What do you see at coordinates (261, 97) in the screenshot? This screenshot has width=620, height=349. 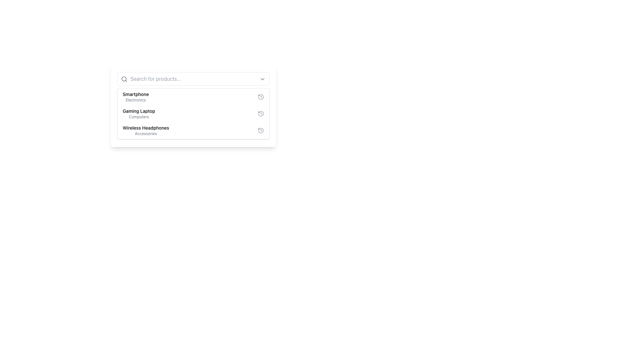 I see `the History Icon located at the rightmost side of the 'Smartphone - Electronics' list item` at bounding box center [261, 97].